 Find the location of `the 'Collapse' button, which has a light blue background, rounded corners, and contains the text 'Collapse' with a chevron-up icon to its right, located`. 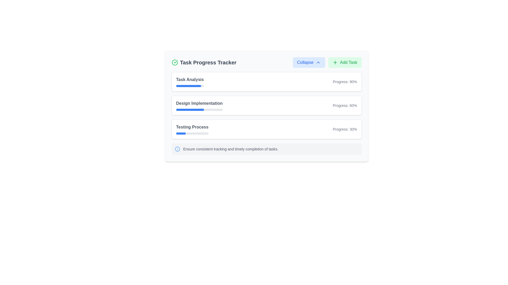

the 'Collapse' button, which has a light blue background, rounded corners, and contains the text 'Collapse' with a chevron-up icon to its right, located is located at coordinates (309, 62).